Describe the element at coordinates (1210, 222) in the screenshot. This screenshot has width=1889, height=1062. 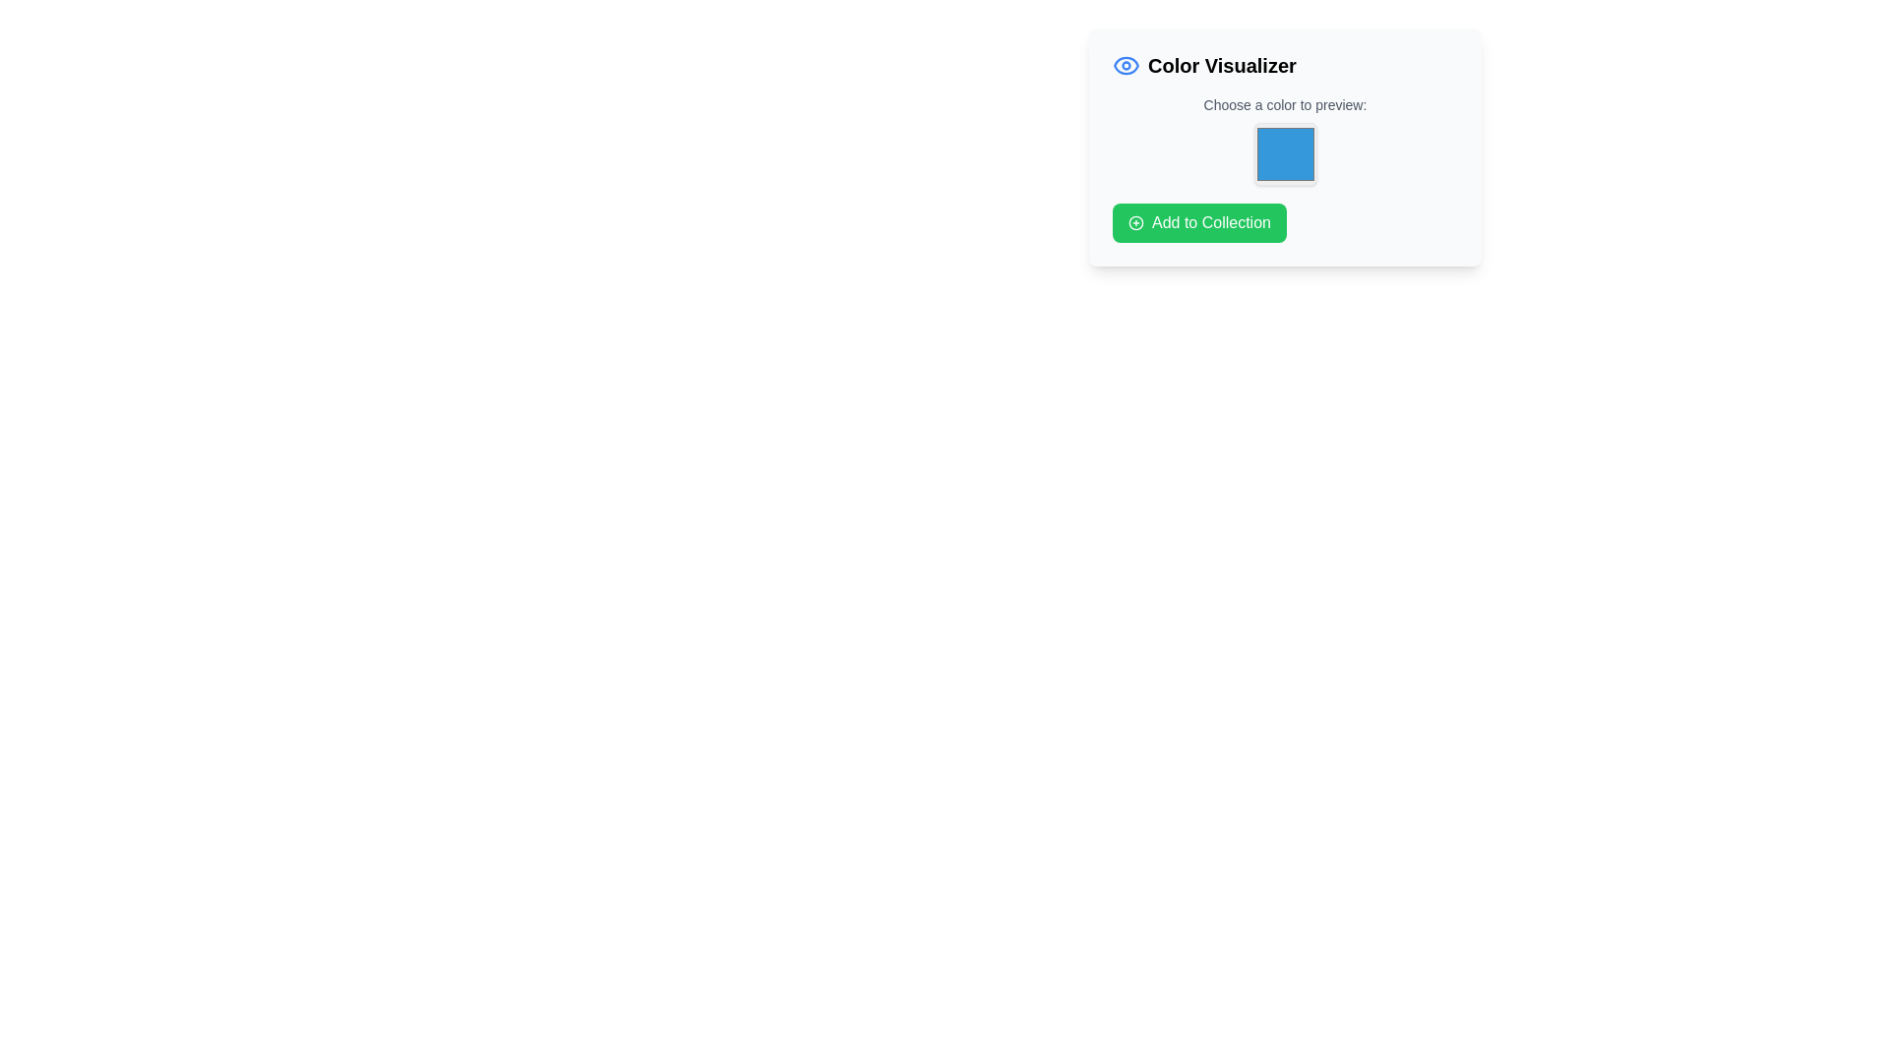
I see `the text label within the green rounded rectangular button that indicates adding the color previewed above to a collection, located beneath the blue color preview box` at that location.